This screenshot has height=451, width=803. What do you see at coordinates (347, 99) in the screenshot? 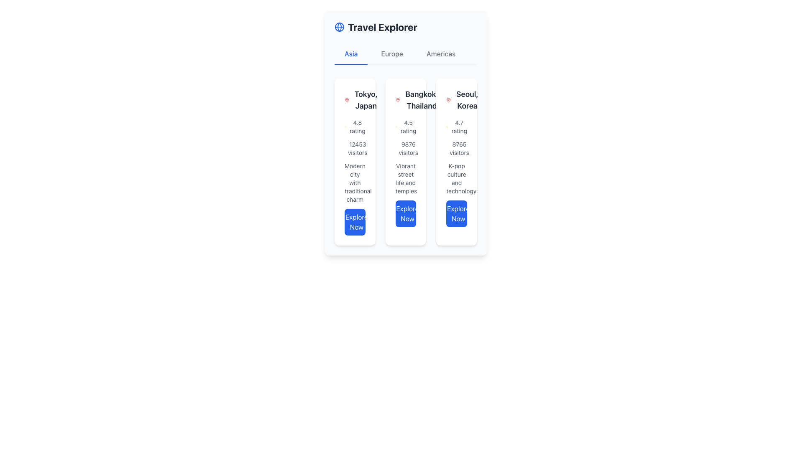
I see `the red pin-like icon representing the location marker for Tokyo, Japan` at bounding box center [347, 99].